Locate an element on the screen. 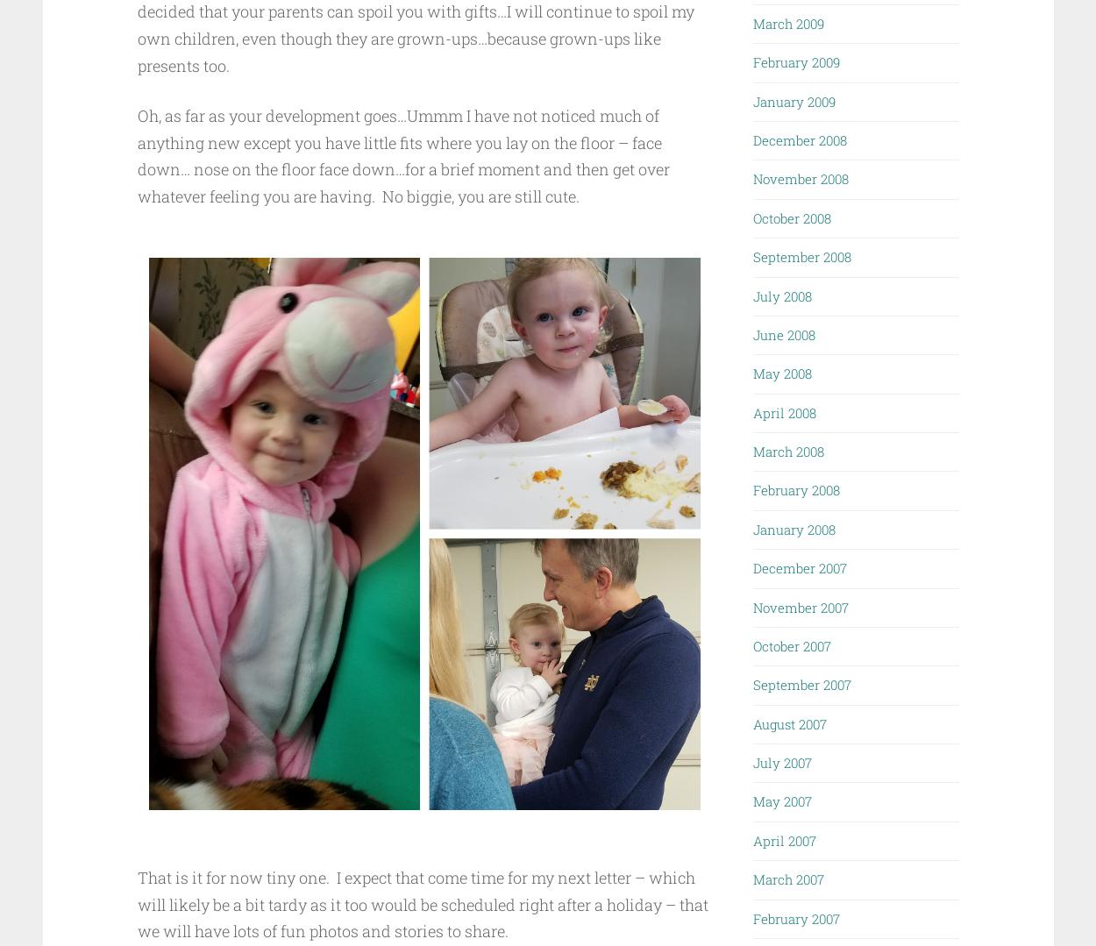  'That is it for now tiny one.  I expect that come time for my next letter – which will likely be a bit tardy as it too would be scheduled right after a holiday – that we will have lots of fun photos and stories to share.' is located at coordinates (421, 904).